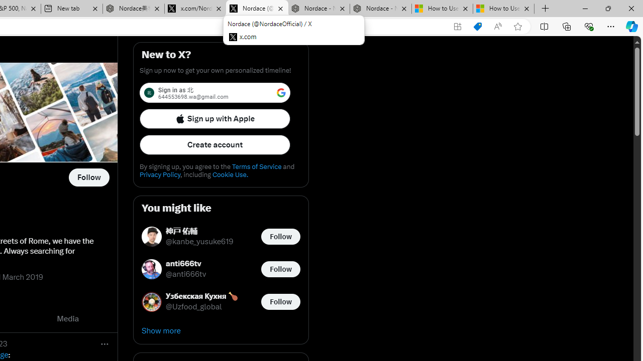 The image size is (643, 361). What do you see at coordinates (186, 274) in the screenshot?
I see `'@anti666tv'` at bounding box center [186, 274].